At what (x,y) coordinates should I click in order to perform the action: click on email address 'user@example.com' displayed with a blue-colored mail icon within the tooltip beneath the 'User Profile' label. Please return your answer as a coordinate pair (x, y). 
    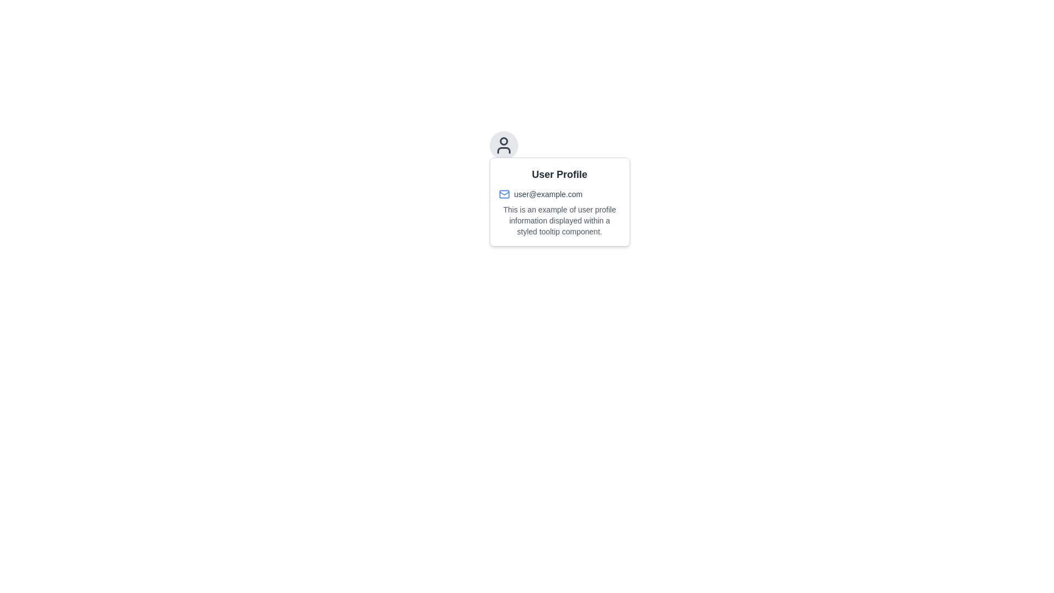
    Looking at the image, I should click on (559, 194).